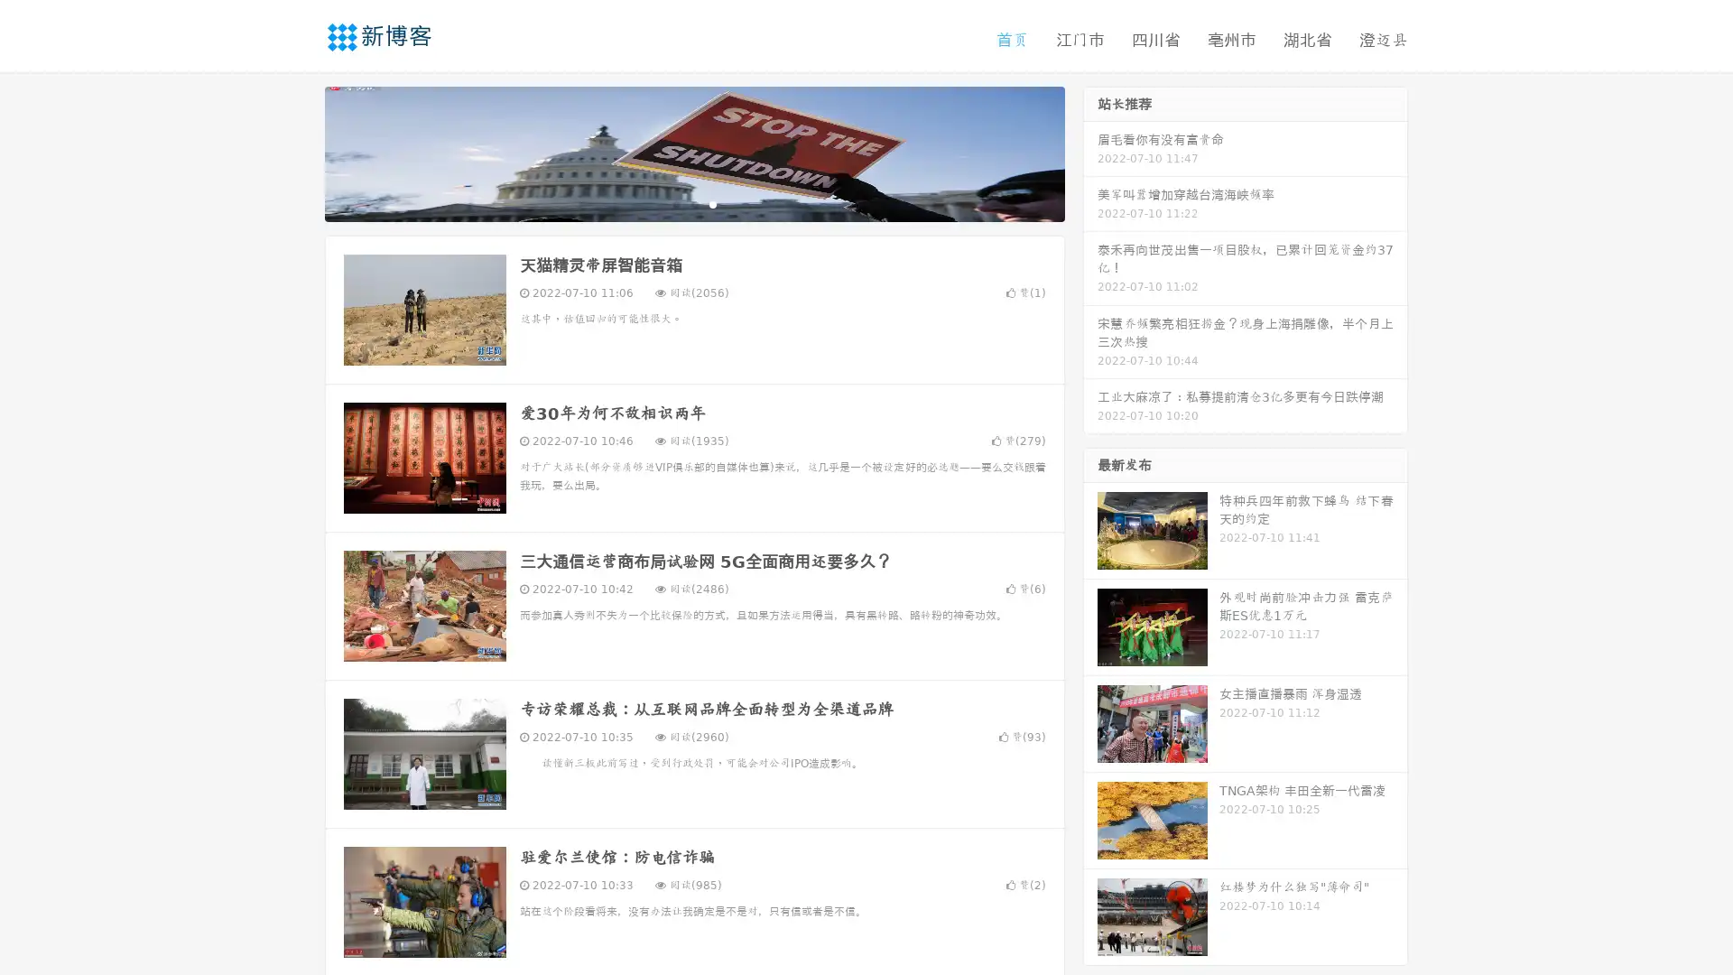  Describe the element at coordinates (675, 203) in the screenshot. I see `Go to slide 1` at that location.